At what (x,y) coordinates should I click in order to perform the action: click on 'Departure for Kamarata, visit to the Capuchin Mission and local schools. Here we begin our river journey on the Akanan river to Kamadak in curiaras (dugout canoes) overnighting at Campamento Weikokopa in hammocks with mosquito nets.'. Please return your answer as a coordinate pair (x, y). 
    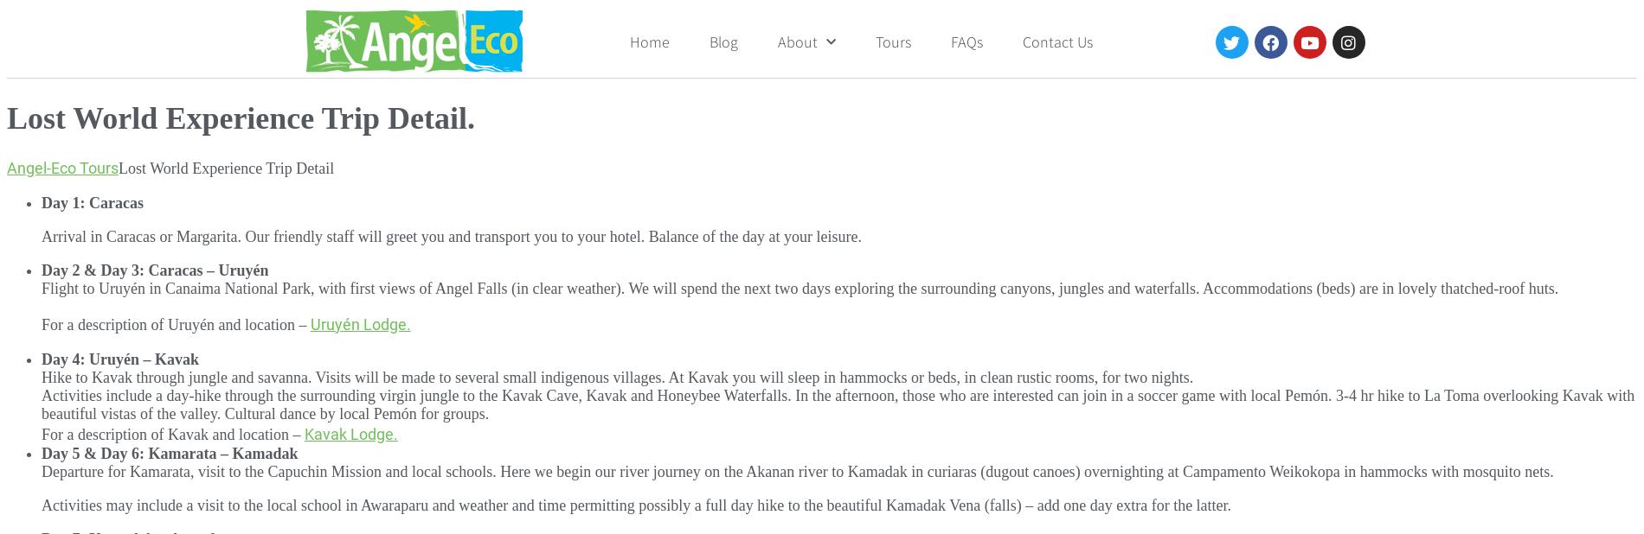
    Looking at the image, I should click on (796, 472).